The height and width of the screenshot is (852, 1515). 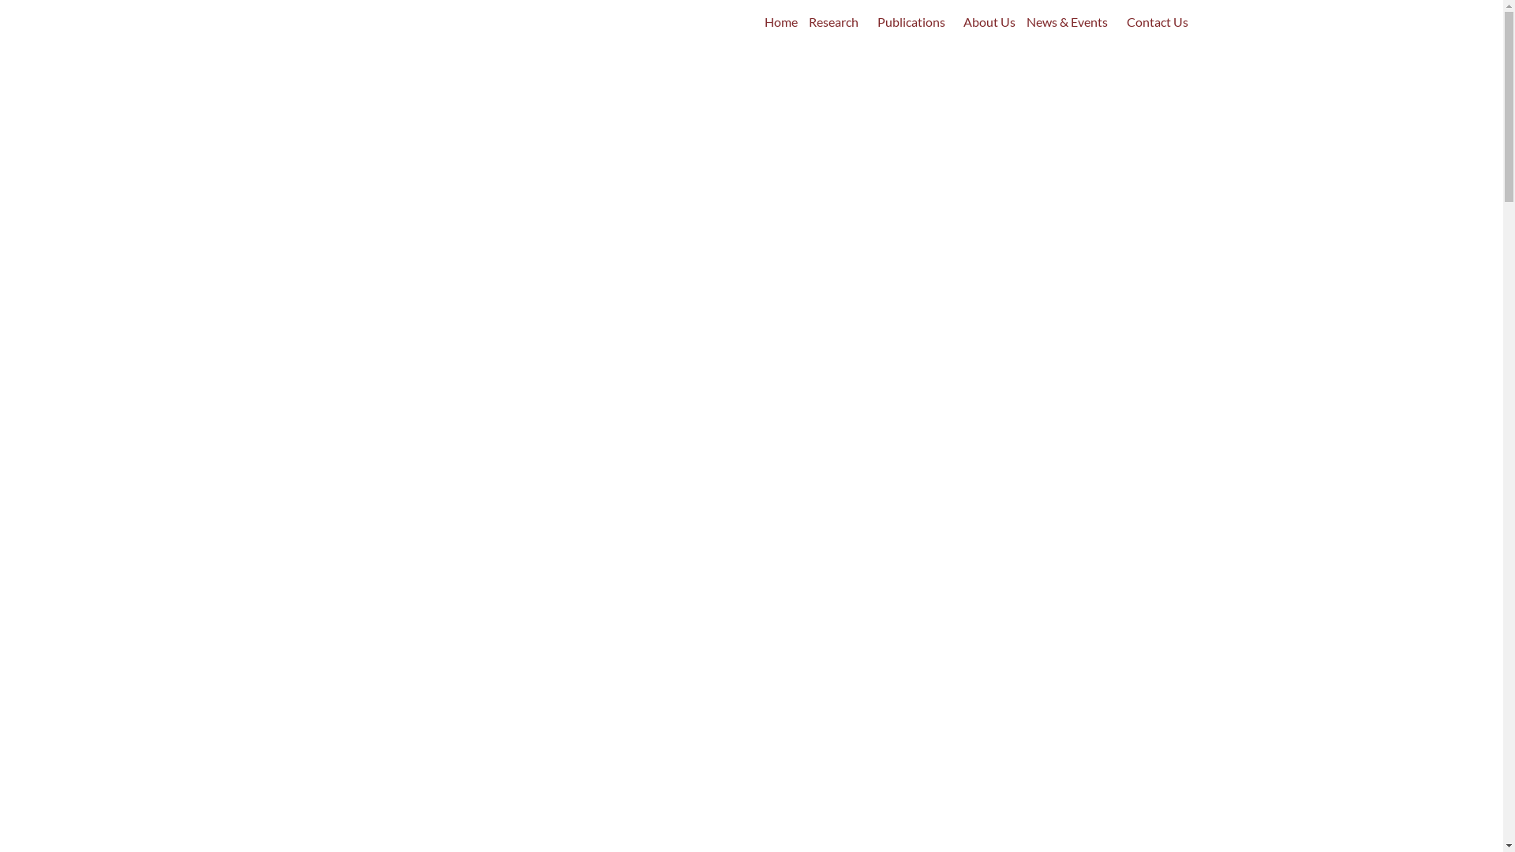 What do you see at coordinates (836, 21) in the screenshot?
I see `'Research'` at bounding box center [836, 21].